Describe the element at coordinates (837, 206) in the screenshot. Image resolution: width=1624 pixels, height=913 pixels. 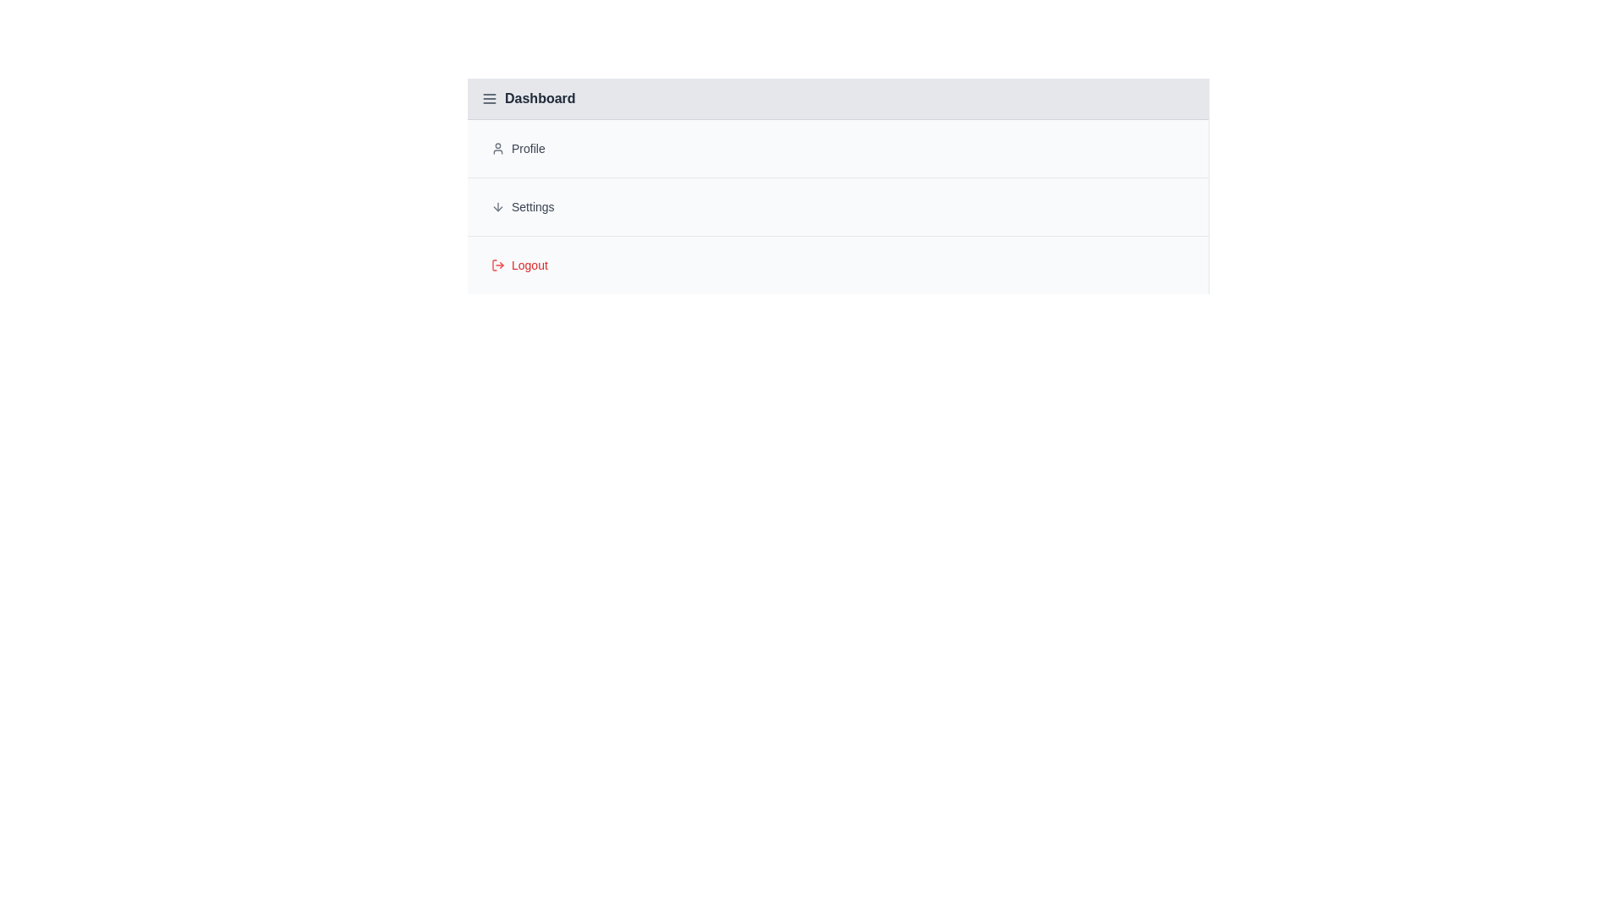
I see `the text of the menu item Settings` at that location.